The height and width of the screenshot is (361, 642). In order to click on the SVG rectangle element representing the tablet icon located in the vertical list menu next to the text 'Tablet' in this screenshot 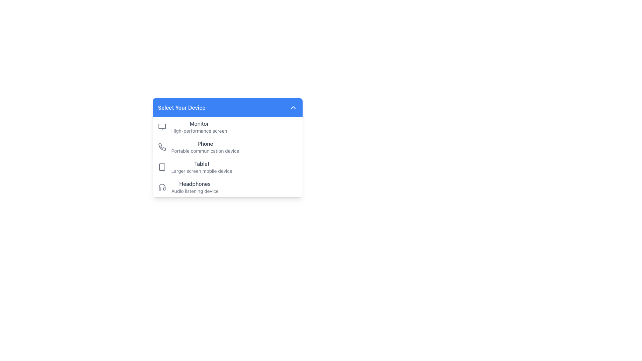, I will do `click(162, 167)`.